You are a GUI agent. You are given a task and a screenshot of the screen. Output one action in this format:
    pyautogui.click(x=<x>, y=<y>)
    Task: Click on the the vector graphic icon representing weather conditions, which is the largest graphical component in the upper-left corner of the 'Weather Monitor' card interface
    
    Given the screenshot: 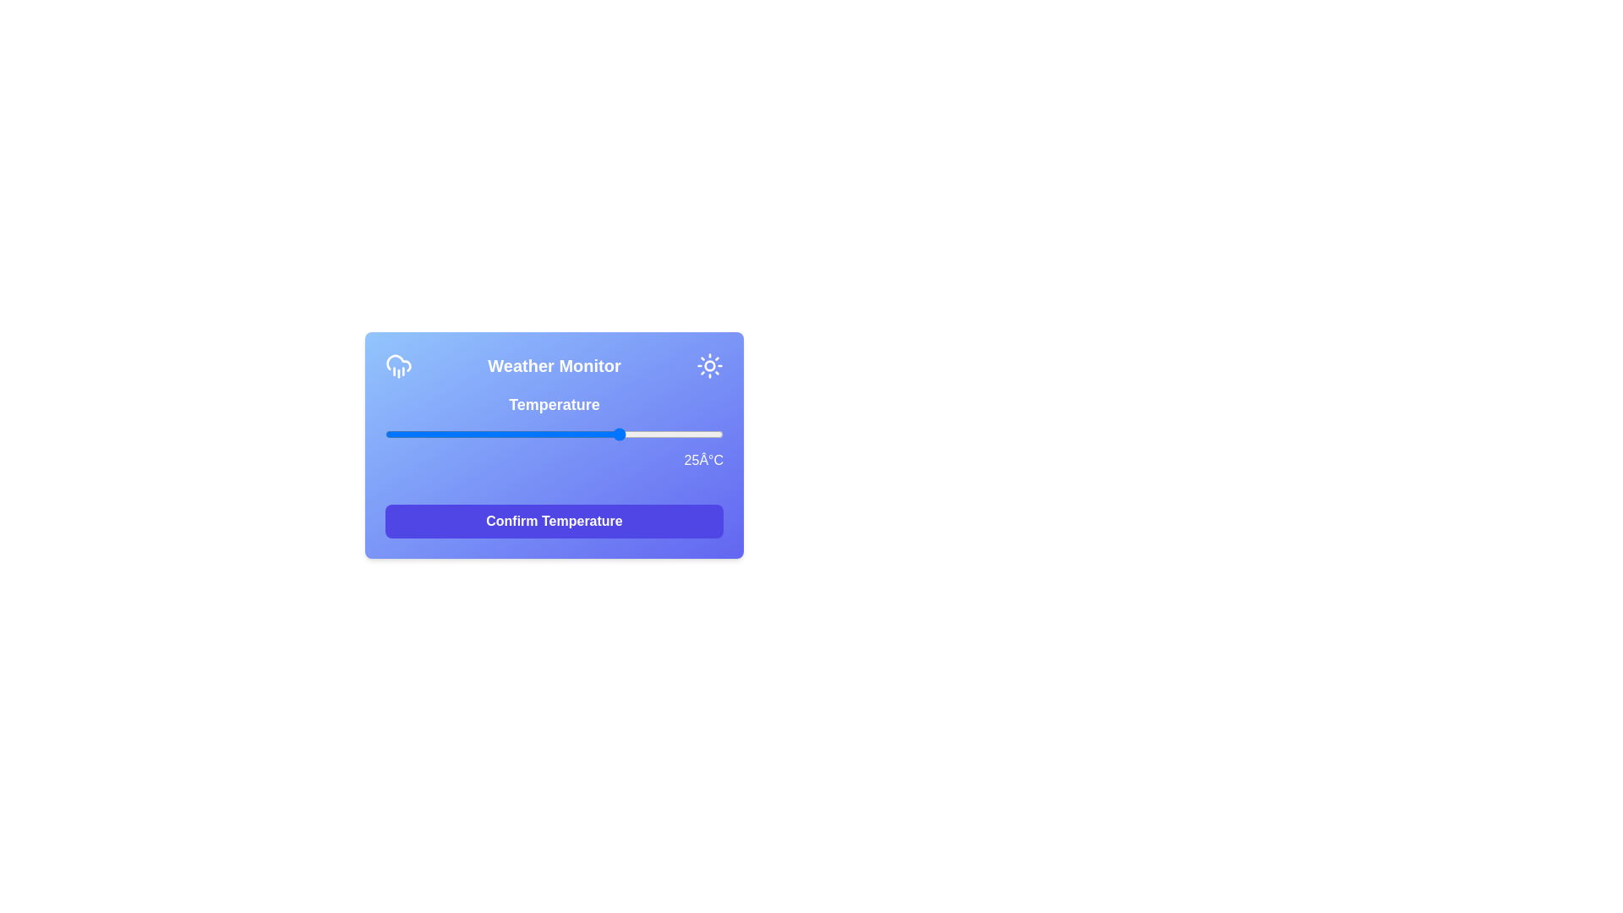 What is the action you would take?
    pyautogui.click(x=397, y=362)
    